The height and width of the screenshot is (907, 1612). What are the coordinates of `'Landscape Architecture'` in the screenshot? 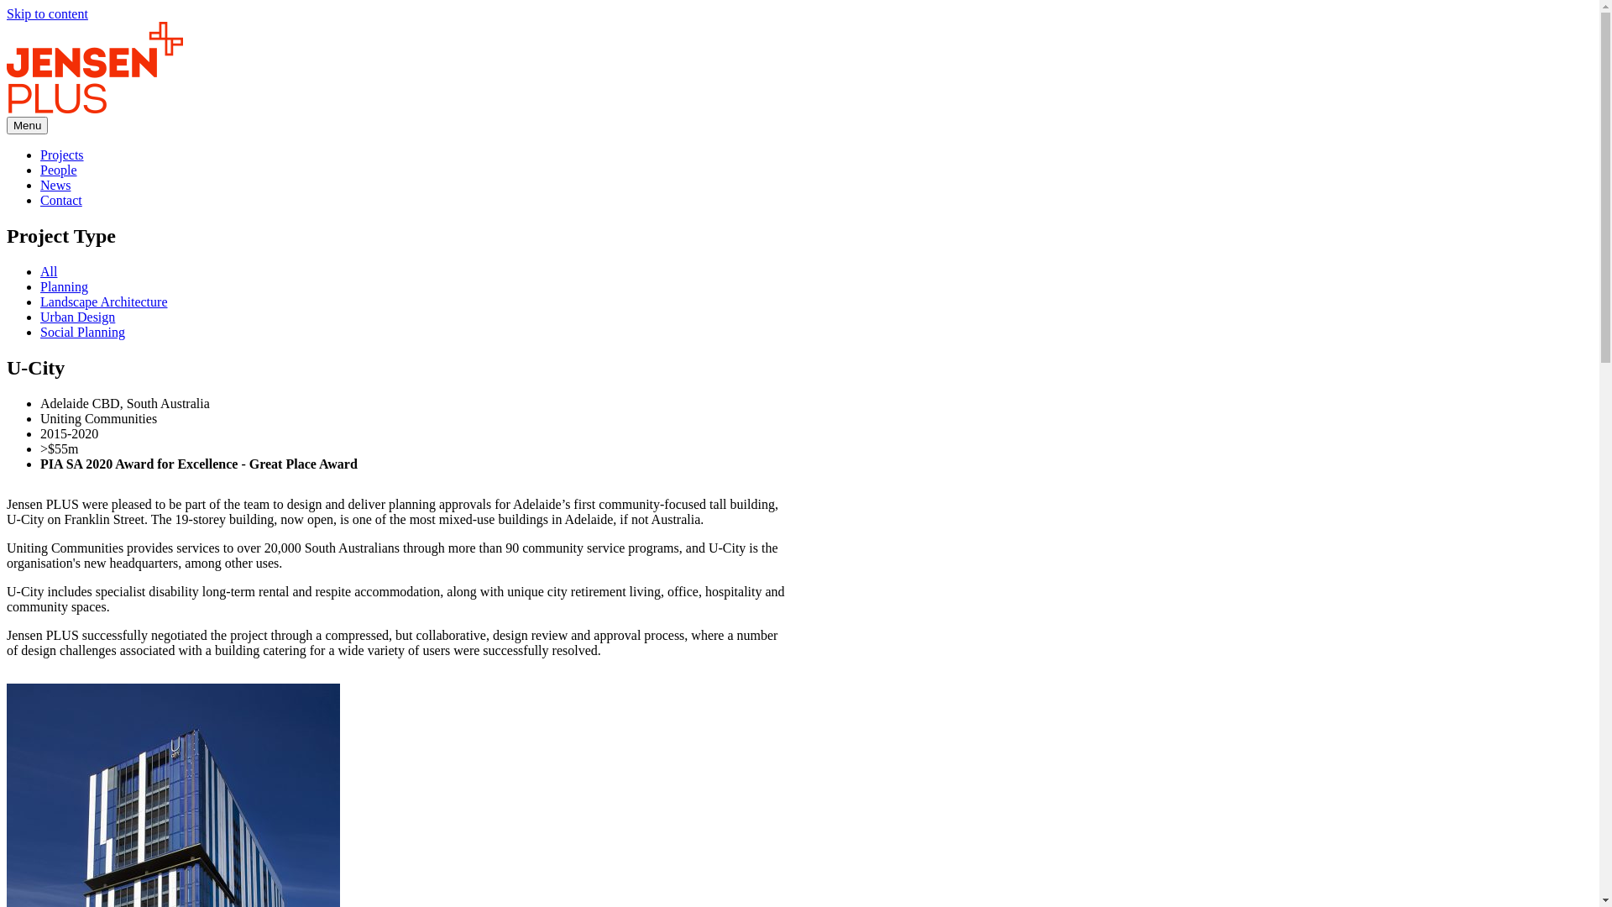 It's located at (102, 301).